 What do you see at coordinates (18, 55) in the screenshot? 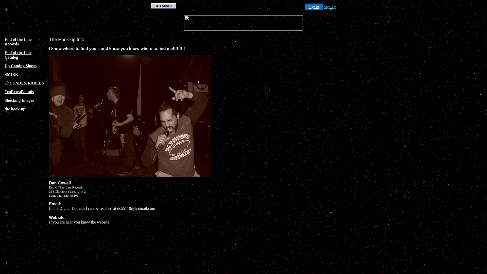
I see `'End of the Line Catalog'` at bounding box center [18, 55].